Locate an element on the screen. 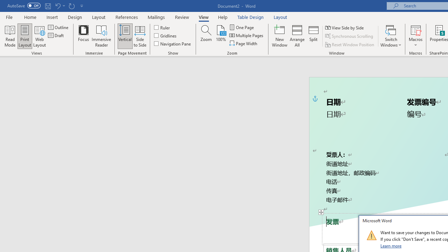  'Vertical' is located at coordinates (125, 36).